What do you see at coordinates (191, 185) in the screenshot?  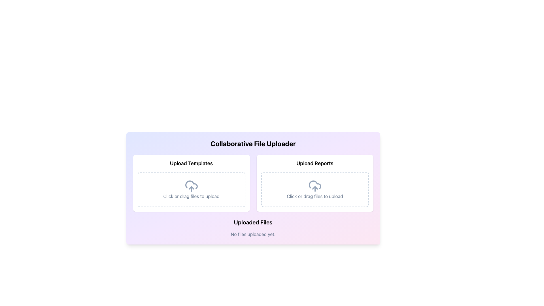 I see `the circular segment of the cloud upload icon located within the 'Upload Templates' box` at bounding box center [191, 185].